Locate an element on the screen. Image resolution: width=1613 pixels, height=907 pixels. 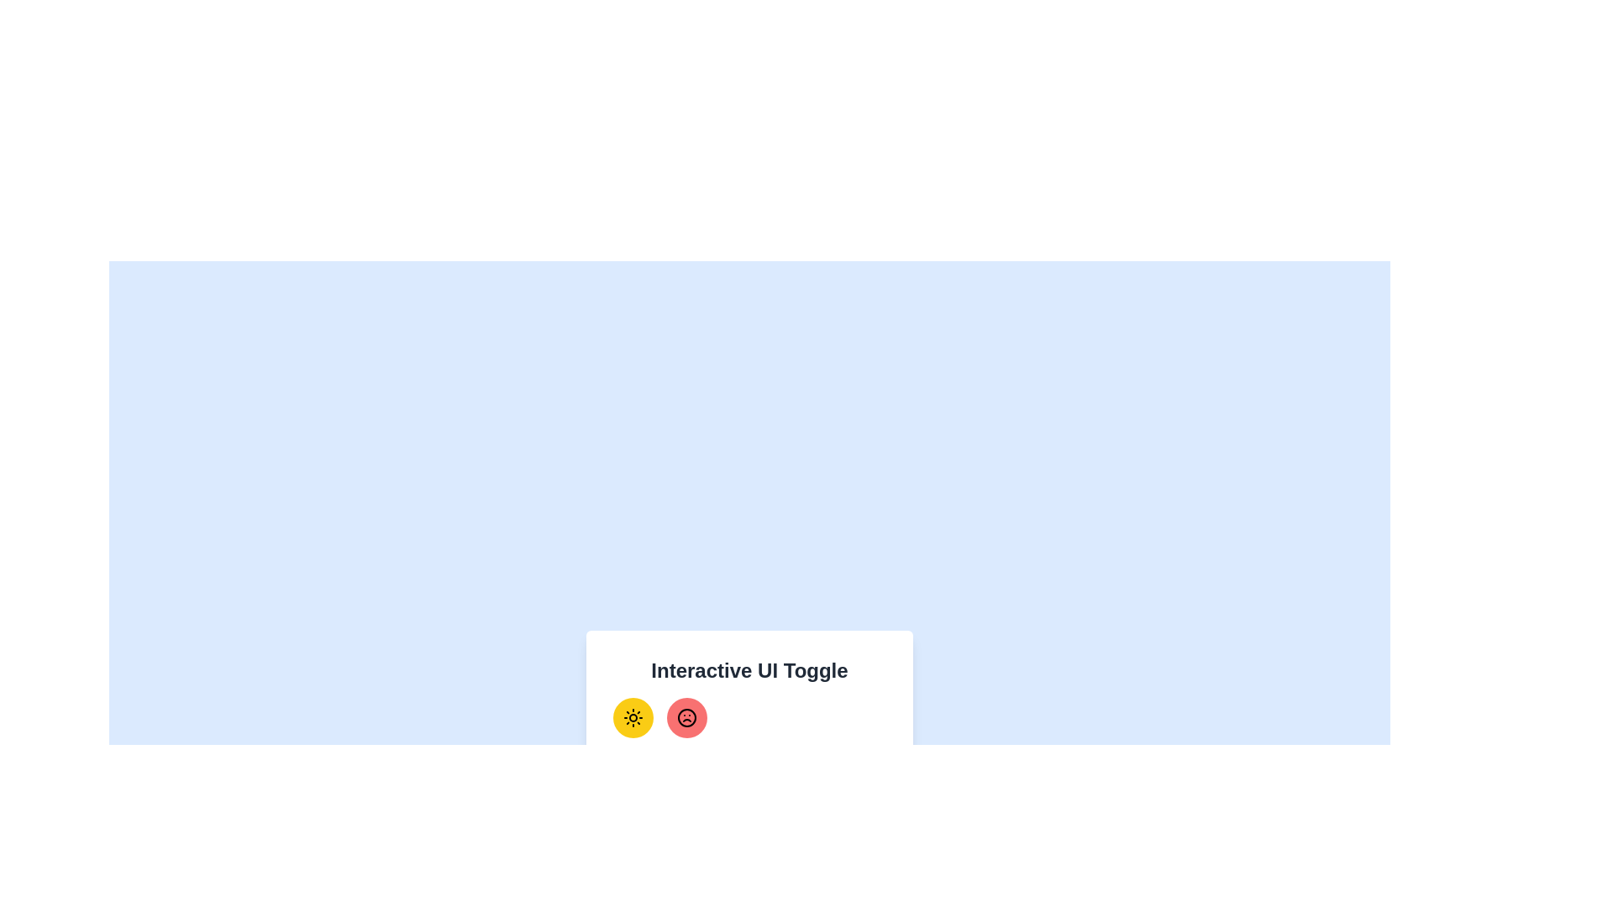
the text 'Interactive UI Toggle' to highlight it is located at coordinates (749, 669).